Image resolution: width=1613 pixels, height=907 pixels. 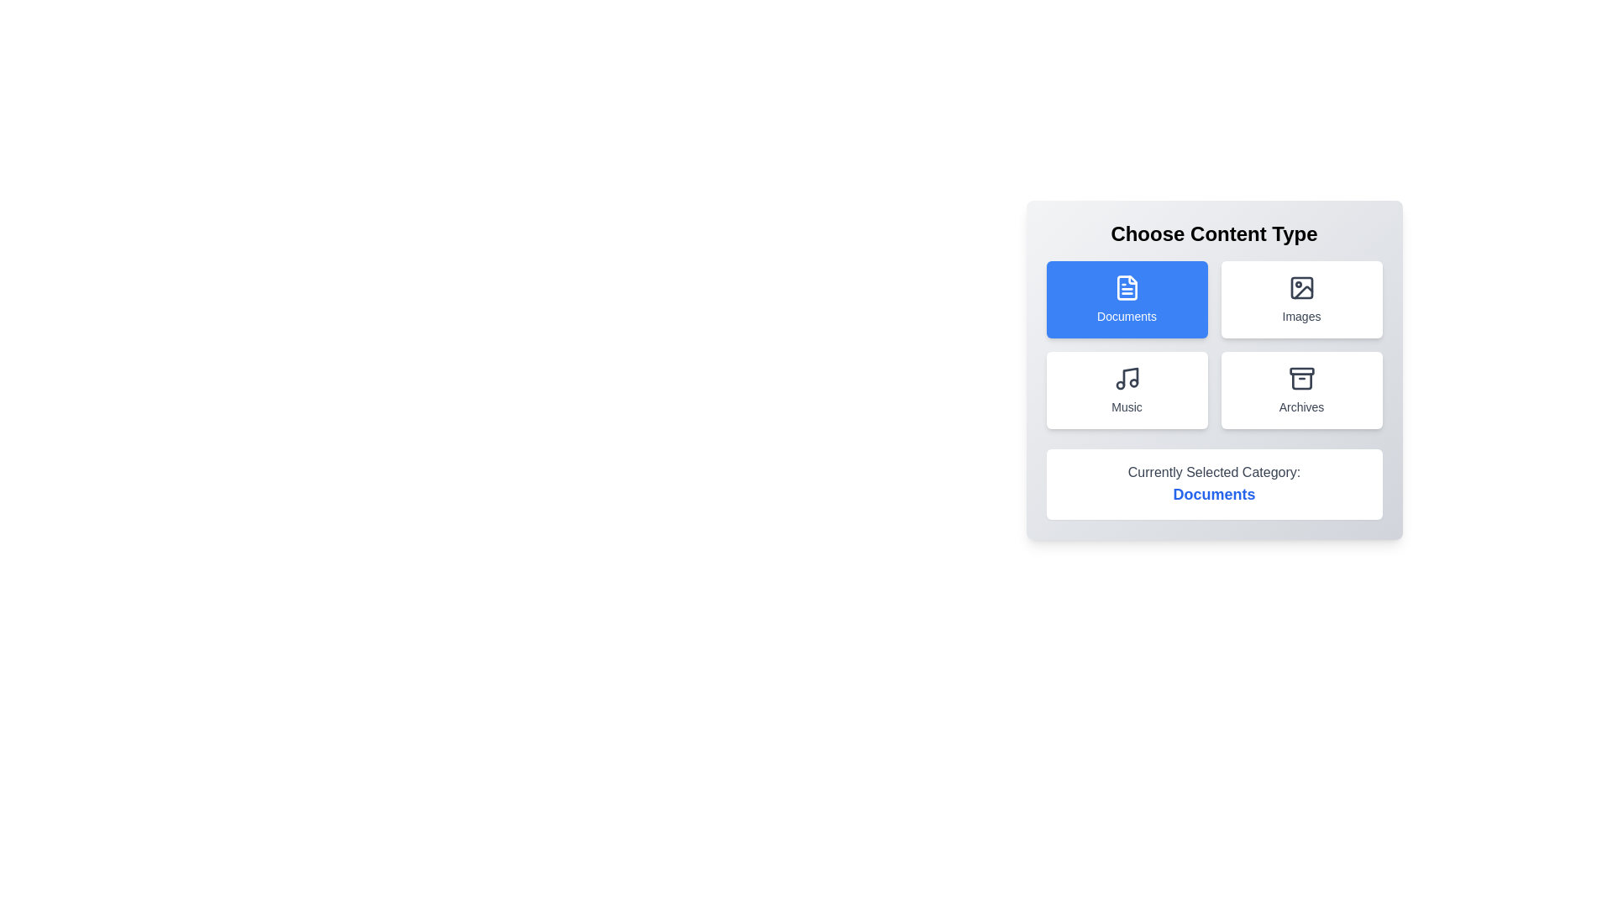 I want to click on the category button labeled Archives to view its hover effect, so click(x=1300, y=391).